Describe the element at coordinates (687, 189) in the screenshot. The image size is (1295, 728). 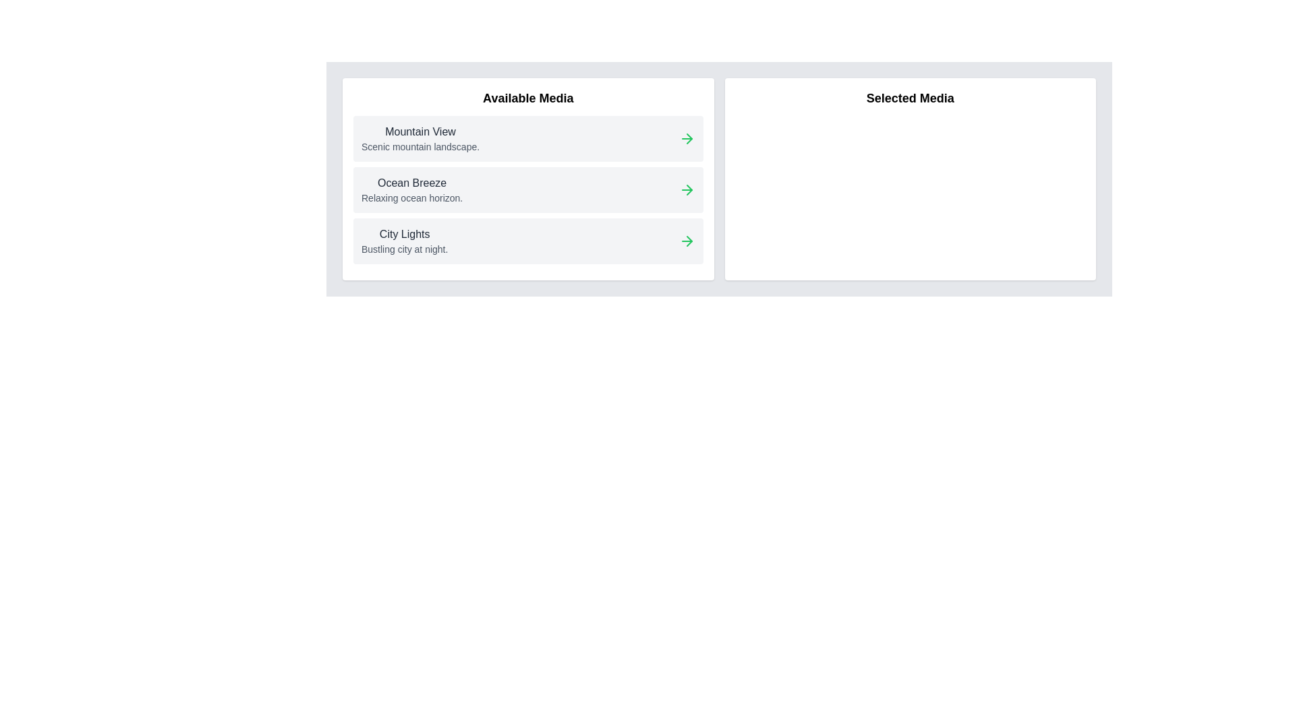
I see `green arrow next to the item Ocean Breeze to transfer it to the 'Selected Media' section` at that location.